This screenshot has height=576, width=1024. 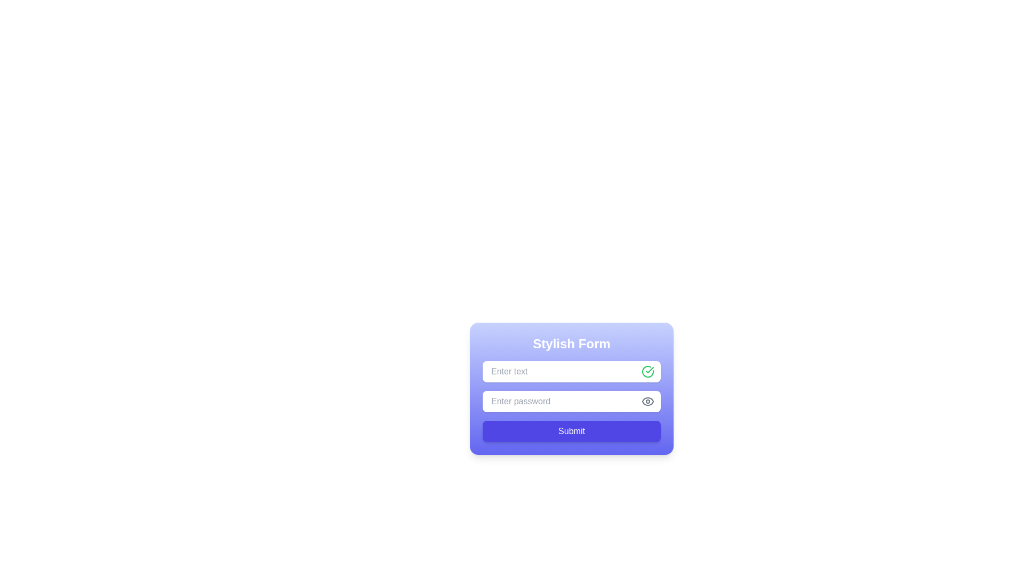 What do you see at coordinates (647, 401) in the screenshot?
I see `the eye icon in the password input field` at bounding box center [647, 401].